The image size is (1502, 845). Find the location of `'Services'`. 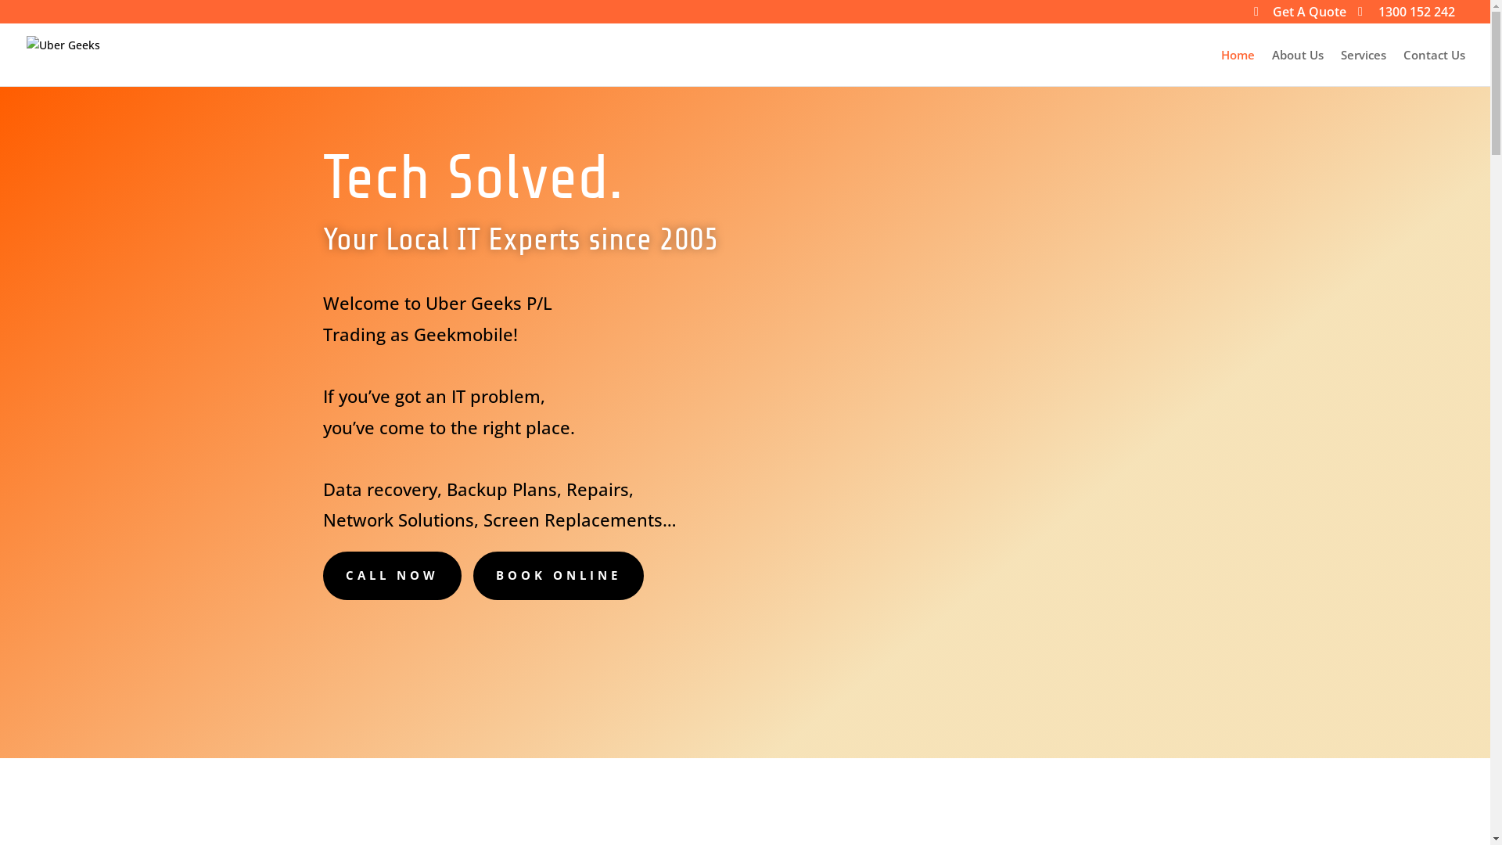

'Services' is located at coordinates (1362, 67).